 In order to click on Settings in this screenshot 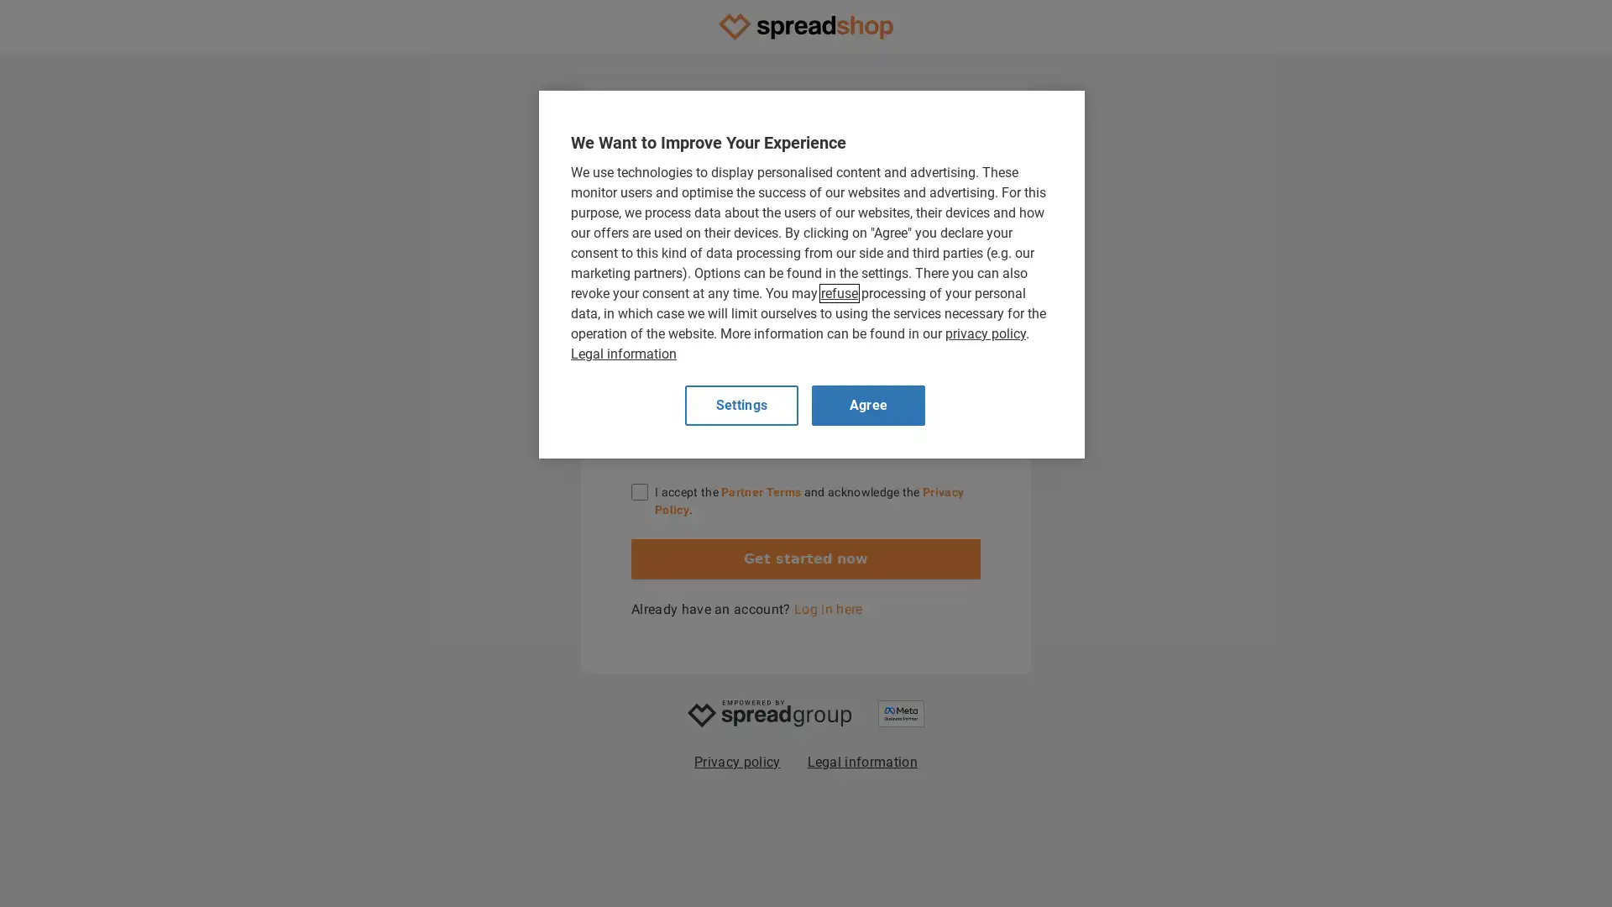, I will do `click(741, 405)`.